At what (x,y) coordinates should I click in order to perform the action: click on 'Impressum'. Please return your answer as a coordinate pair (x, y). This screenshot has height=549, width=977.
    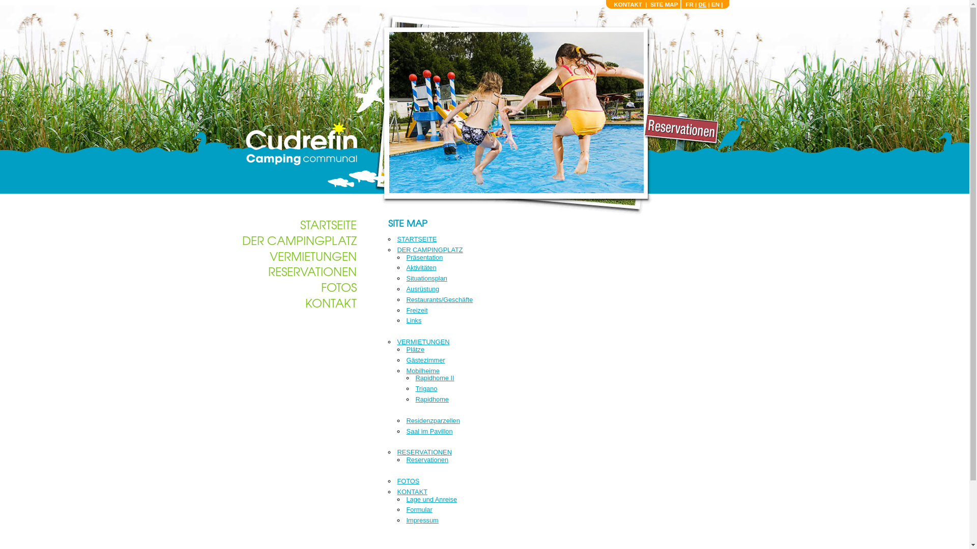
    Looking at the image, I should click on (422, 520).